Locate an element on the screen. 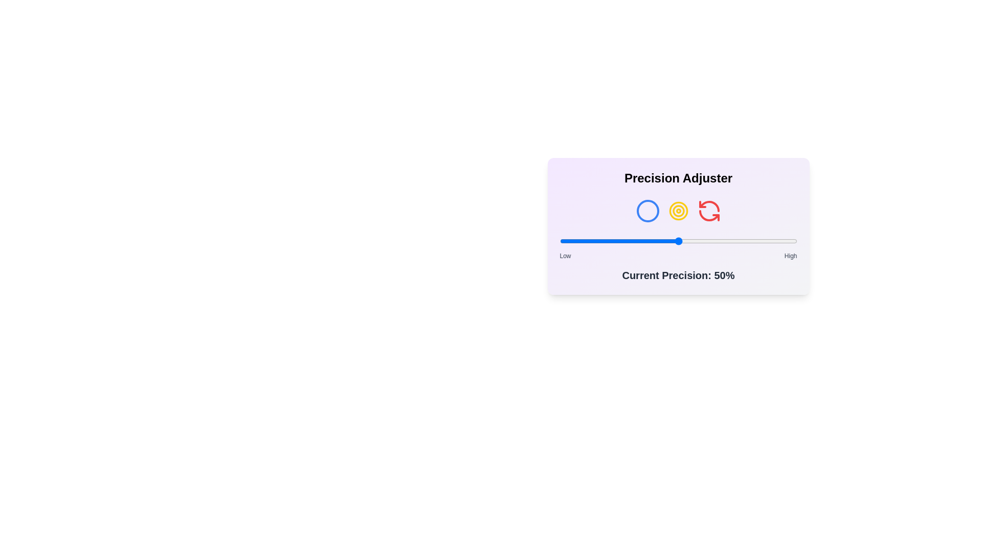 This screenshot has height=552, width=982. the circular icon centered at (1266.5, 413) is located at coordinates (647, 210).